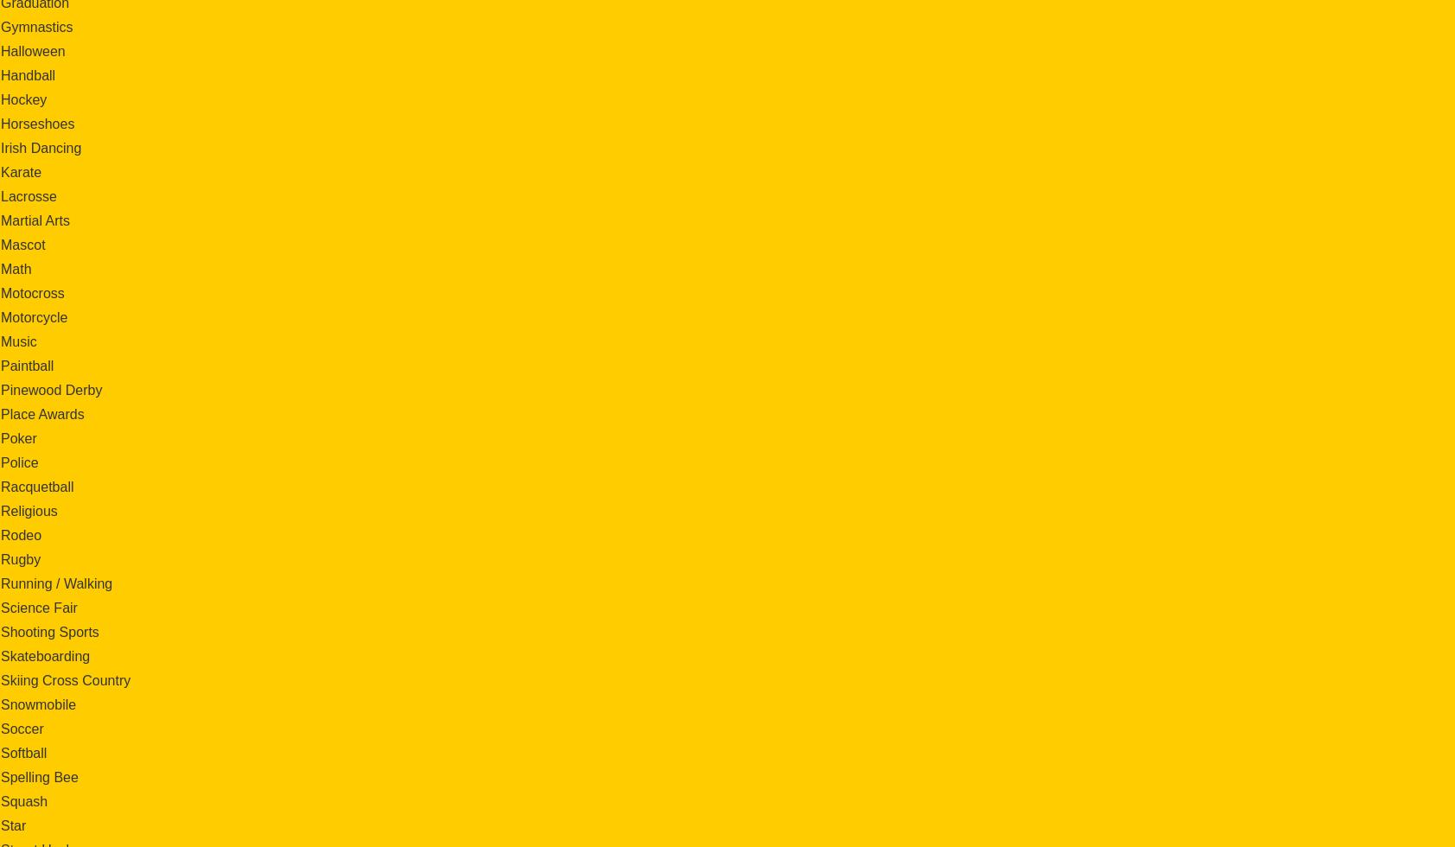 The height and width of the screenshot is (847, 1455). I want to click on 'Irish Dancing', so click(40, 147).